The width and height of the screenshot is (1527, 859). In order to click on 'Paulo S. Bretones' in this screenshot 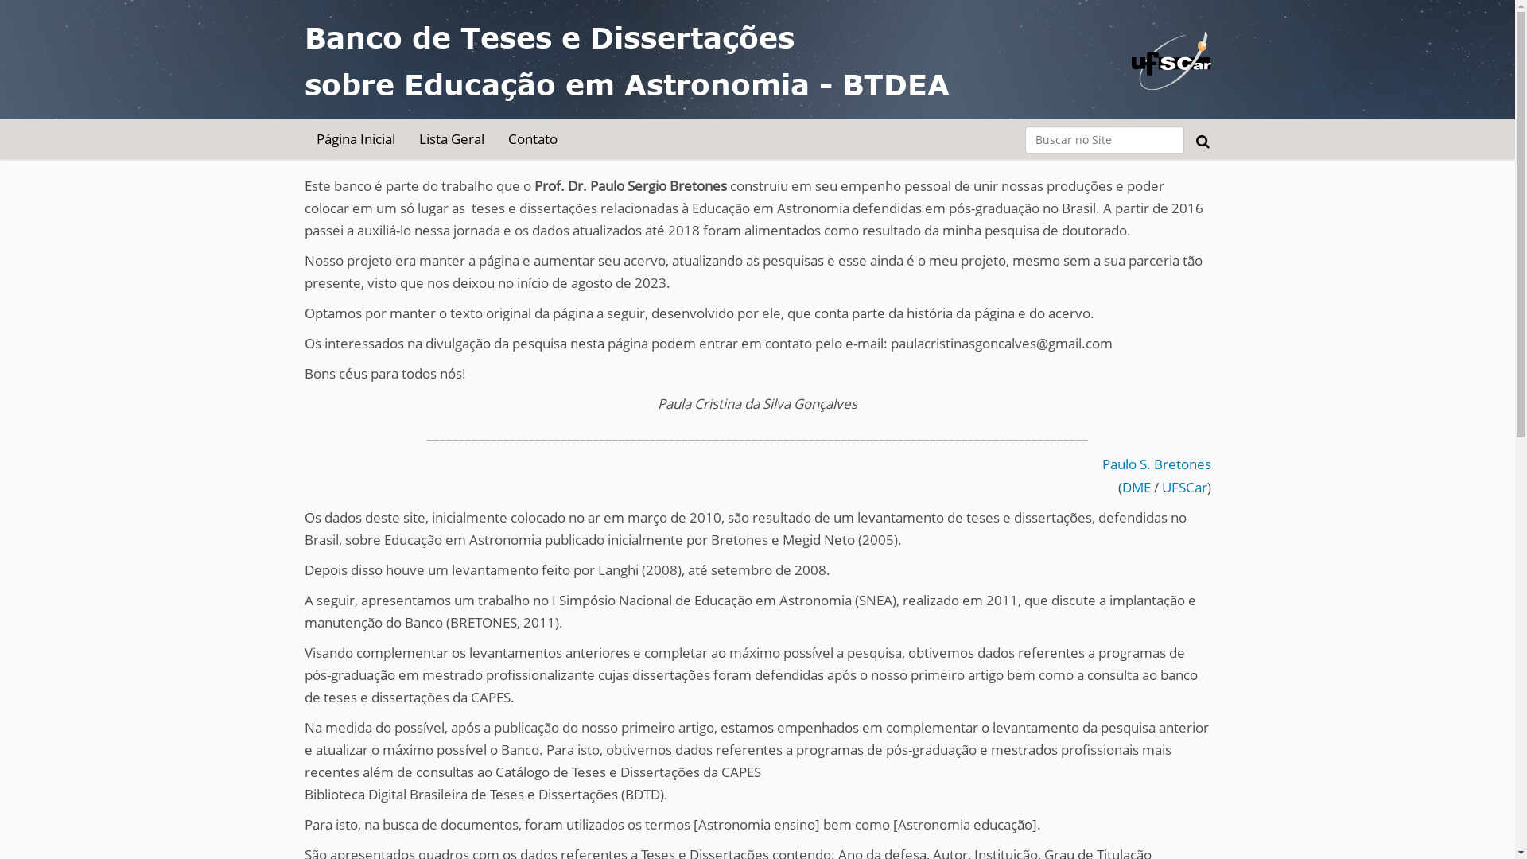, I will do `click(1156, 464)`.